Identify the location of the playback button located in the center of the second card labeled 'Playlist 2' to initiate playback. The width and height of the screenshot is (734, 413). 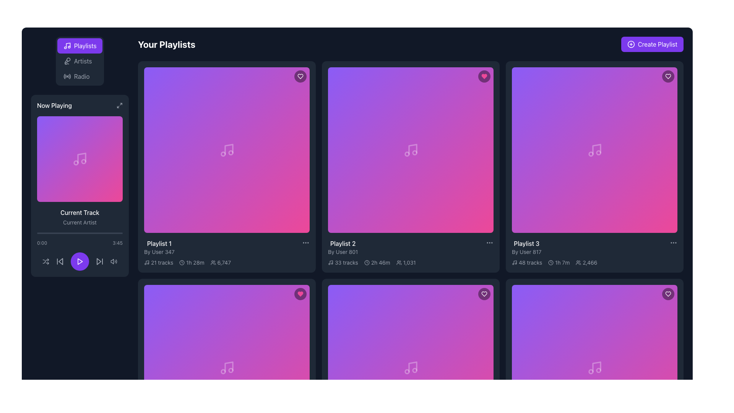
(410, 150).